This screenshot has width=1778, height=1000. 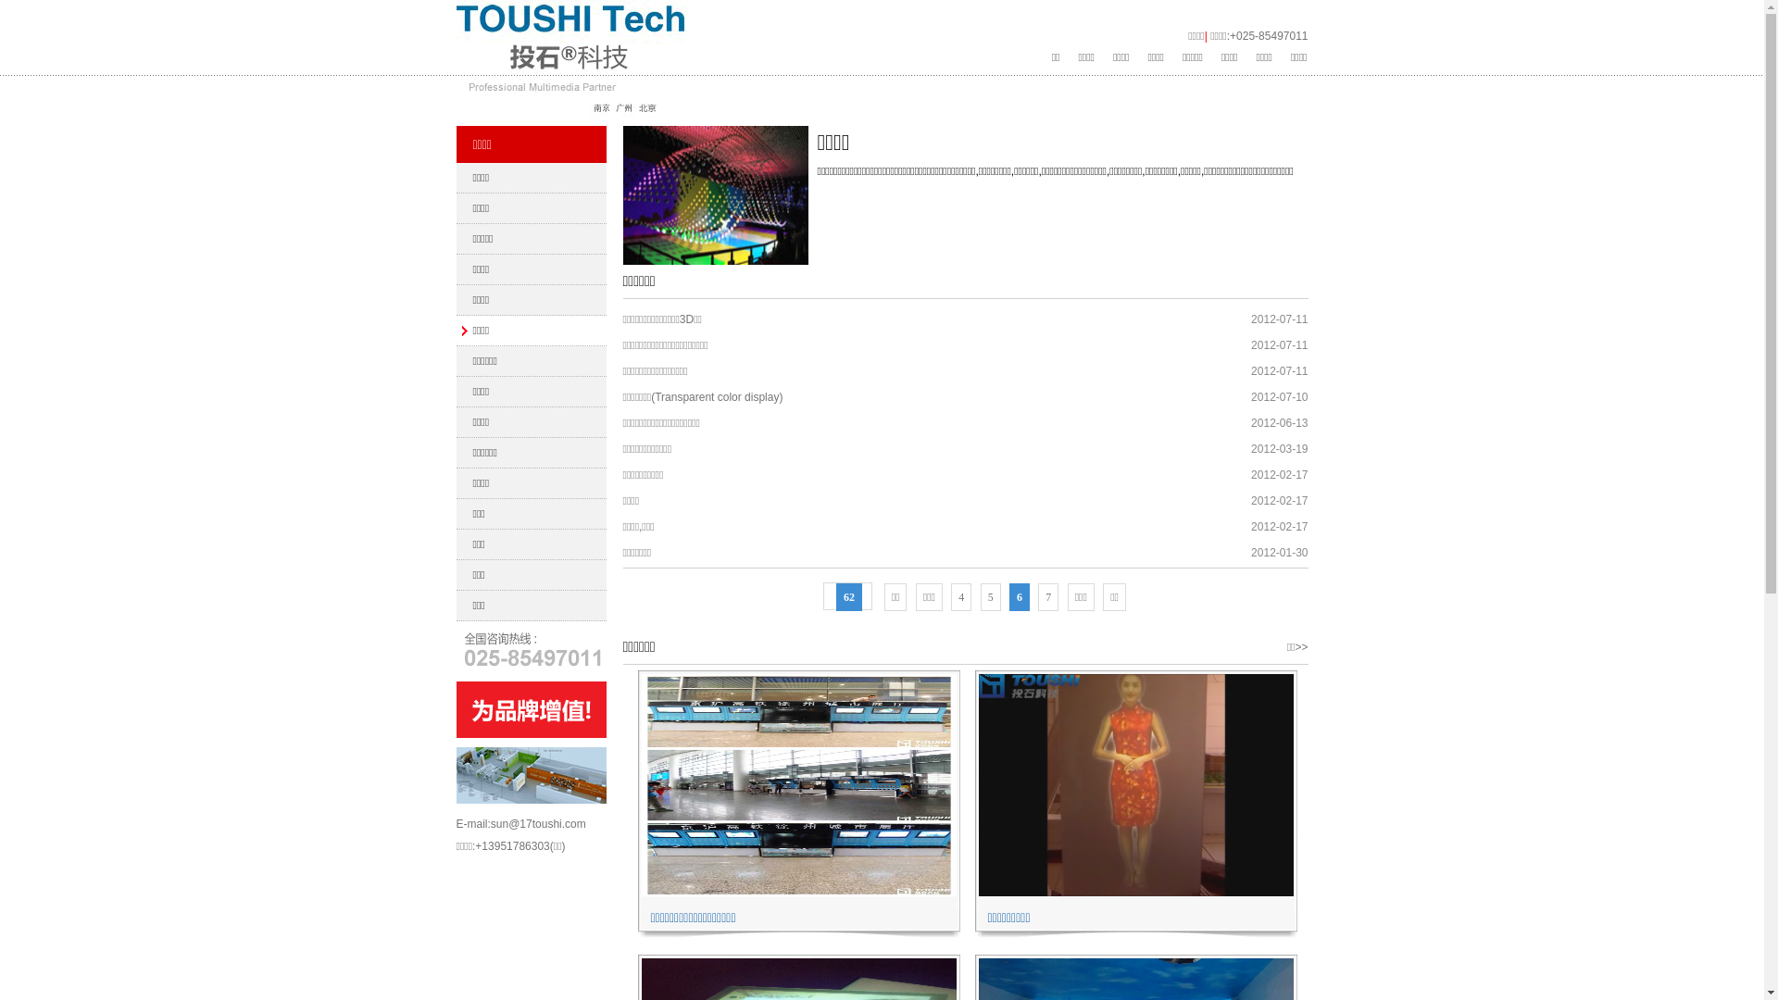 I want to click on '5', so click(x=990, y=596).